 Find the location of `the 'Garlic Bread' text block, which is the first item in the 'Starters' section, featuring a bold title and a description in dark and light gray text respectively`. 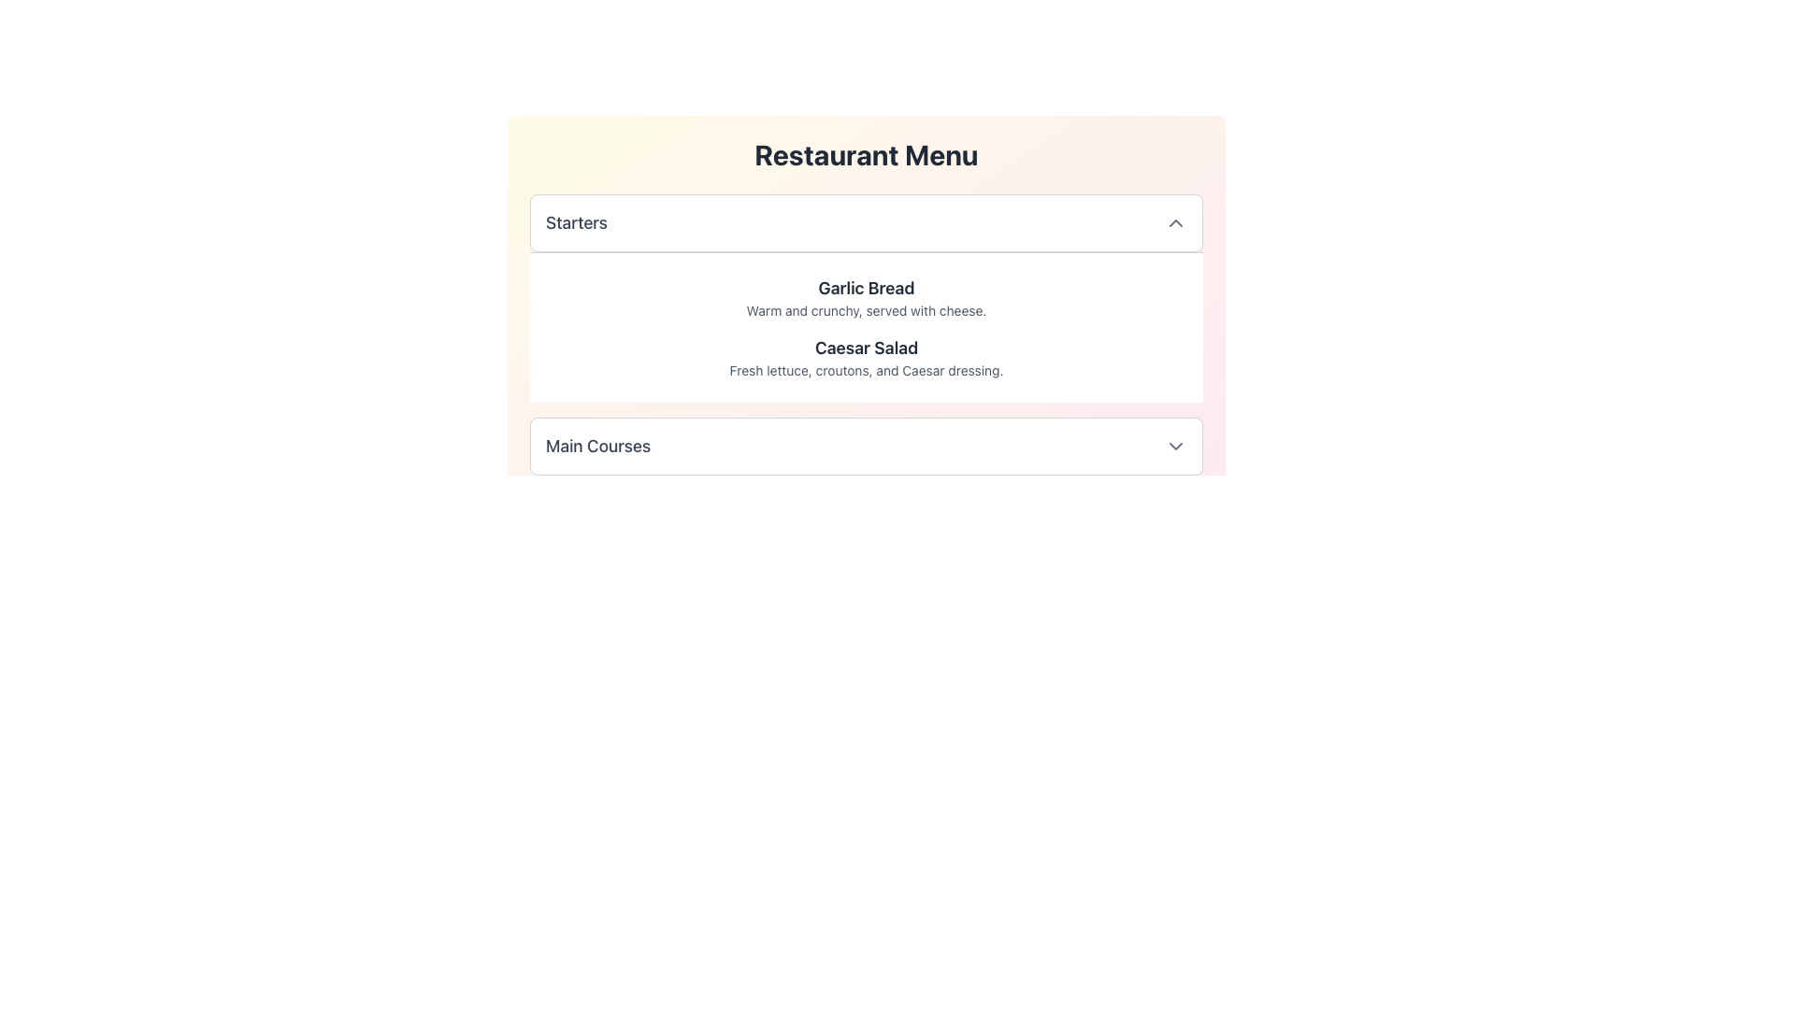

the 'Garlic Bread' text block, which is the first item in the 'Starters' section, featuring a bold title and a description in dark and light gray text respectively is located at coordinates (865, 297).